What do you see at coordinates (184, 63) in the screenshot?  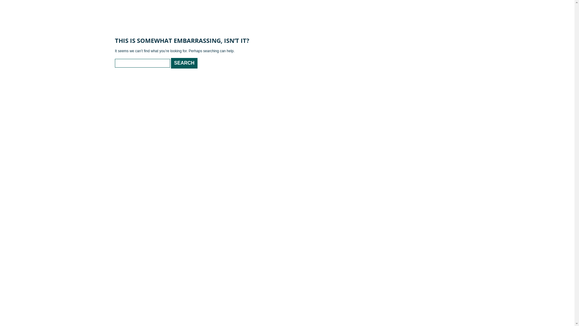 I see `'Search'` at bounding box center [184, 63].